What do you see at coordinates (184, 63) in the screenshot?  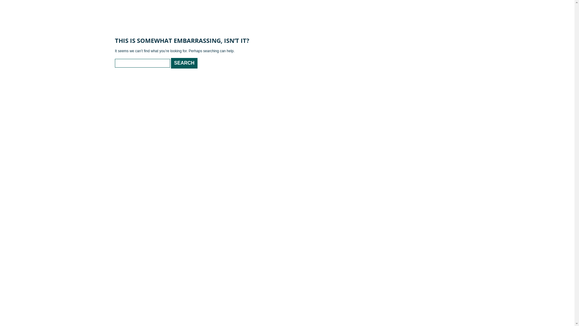 I see `'Search'` at bounding box center [184, 63].